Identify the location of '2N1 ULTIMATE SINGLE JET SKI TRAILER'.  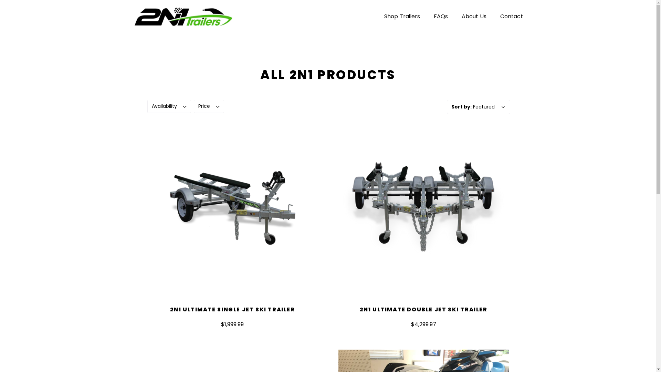
(170, 309).